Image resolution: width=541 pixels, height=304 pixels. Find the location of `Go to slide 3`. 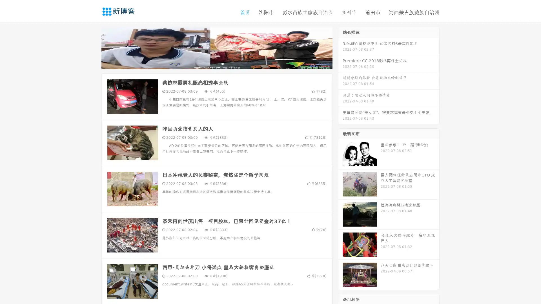

Go to slide 3 is located at coordinates (222, 63).